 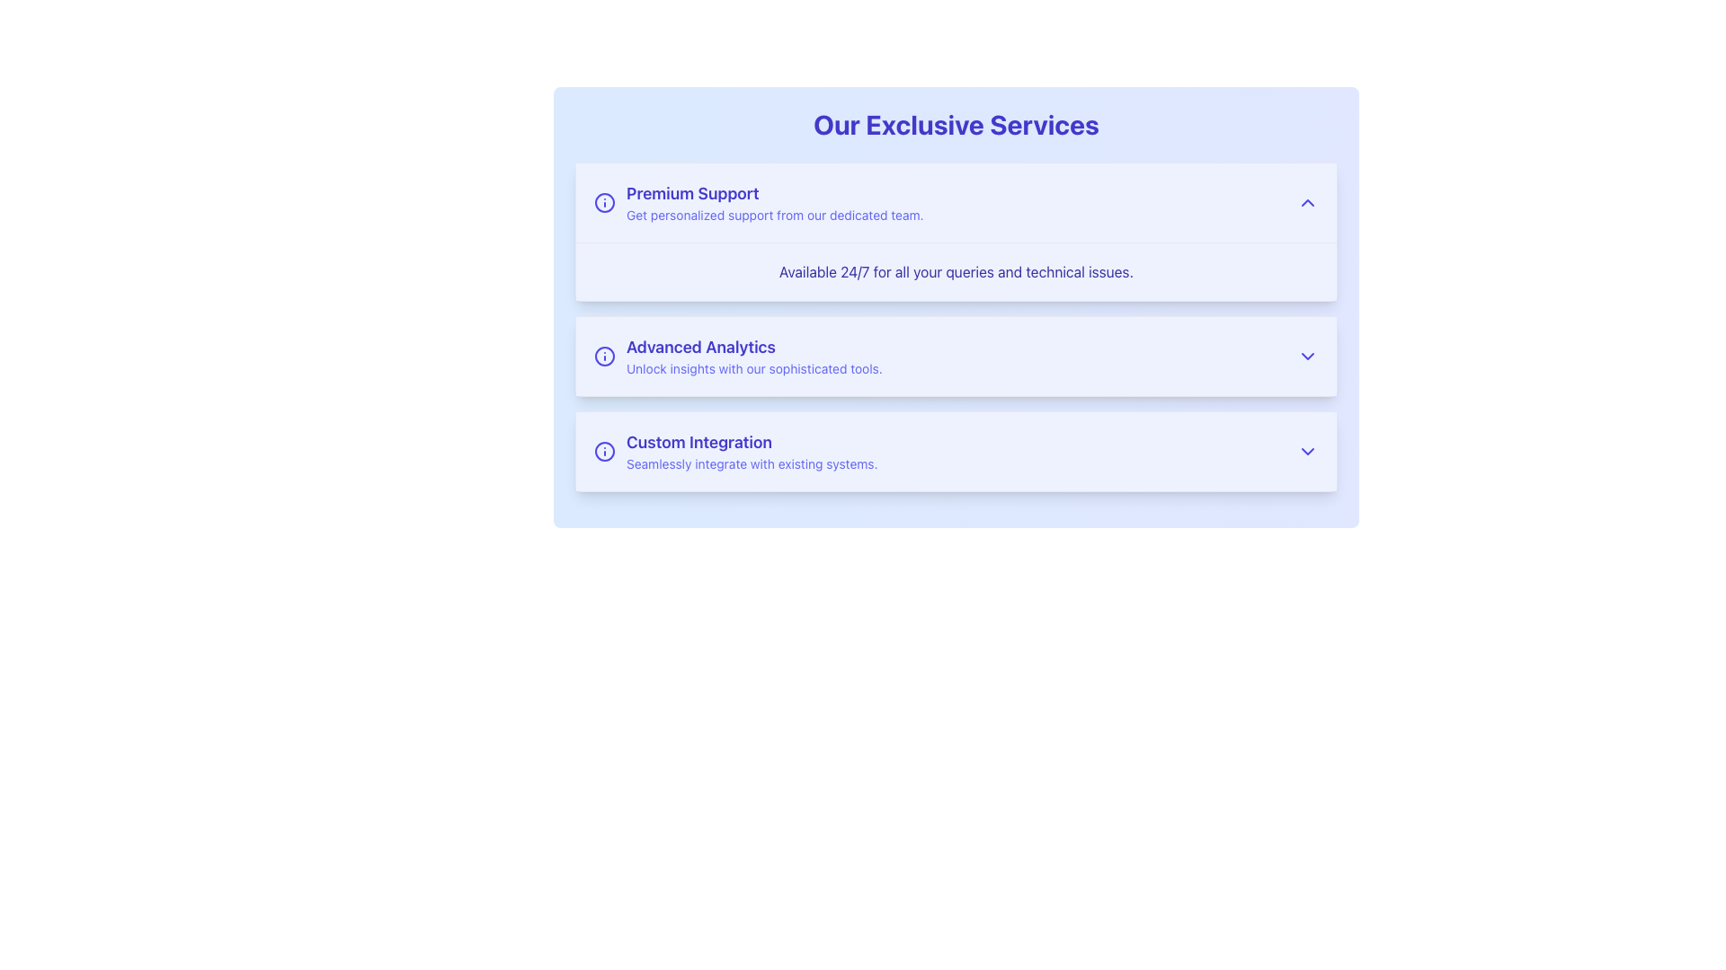 What do you see at coordinates (752, 443) in the screenshot?
I see `the text label that serves as a heading for the Custom Integration services section, located above the descriptive text 'Seamlessly integrate with existing systems.'` at bounding box center [752, 443].